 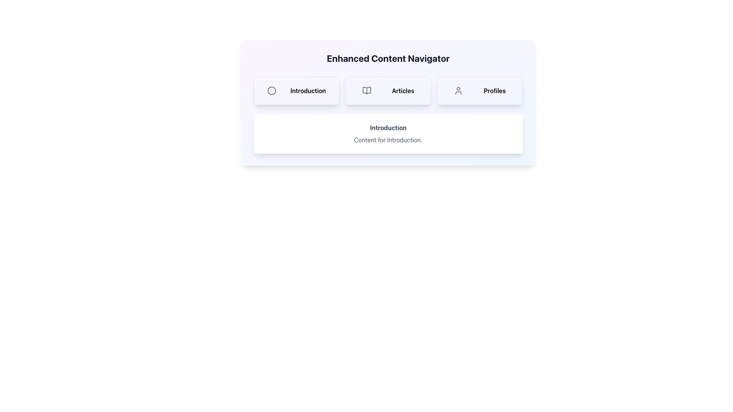 What do you see at coordinates (388, 140) in the screenshot?
I see `the text element that displays additional descriptive information for the 'Introduction' section, located below the title 'Introduction'` at bounding box center [388, 140].